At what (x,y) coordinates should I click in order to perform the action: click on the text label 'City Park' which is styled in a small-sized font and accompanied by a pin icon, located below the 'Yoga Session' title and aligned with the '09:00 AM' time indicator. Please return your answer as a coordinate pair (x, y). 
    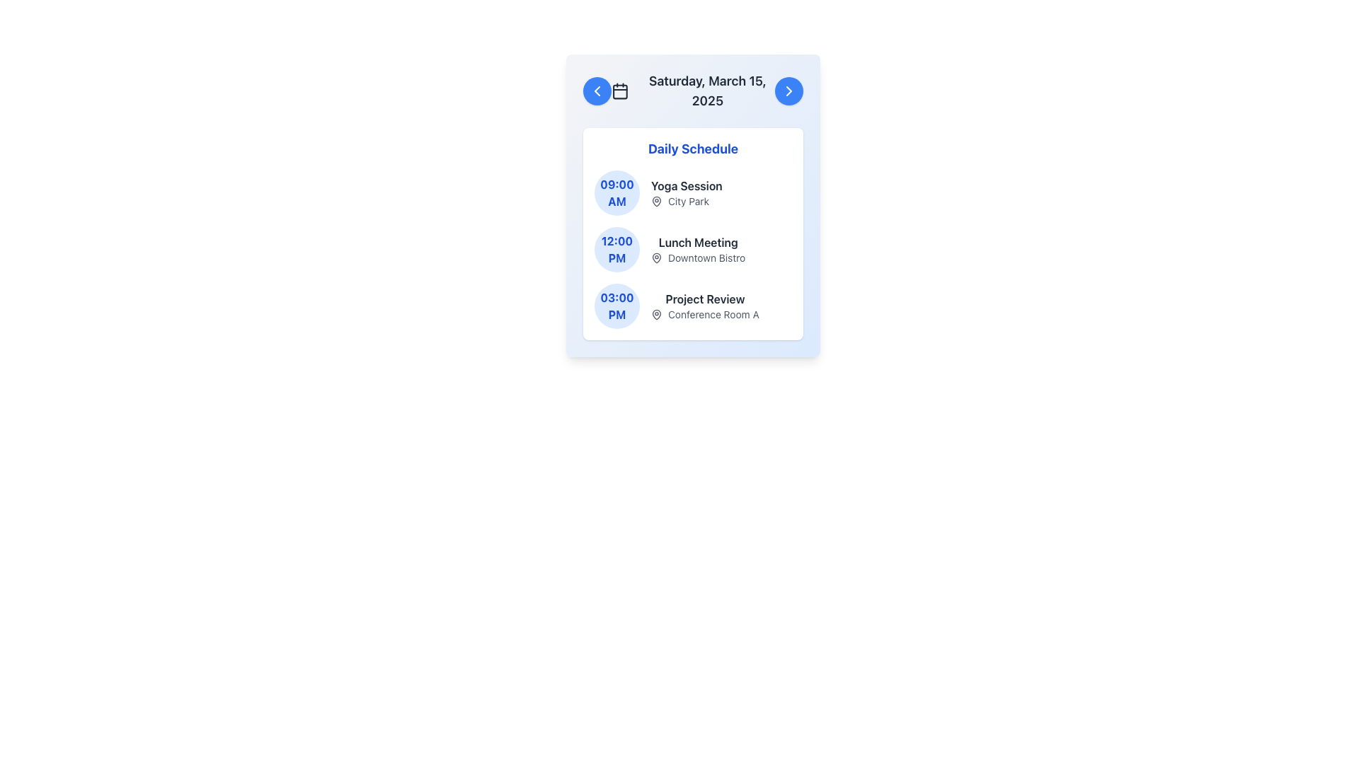
    Looking at the image, I should click on (687, 202).